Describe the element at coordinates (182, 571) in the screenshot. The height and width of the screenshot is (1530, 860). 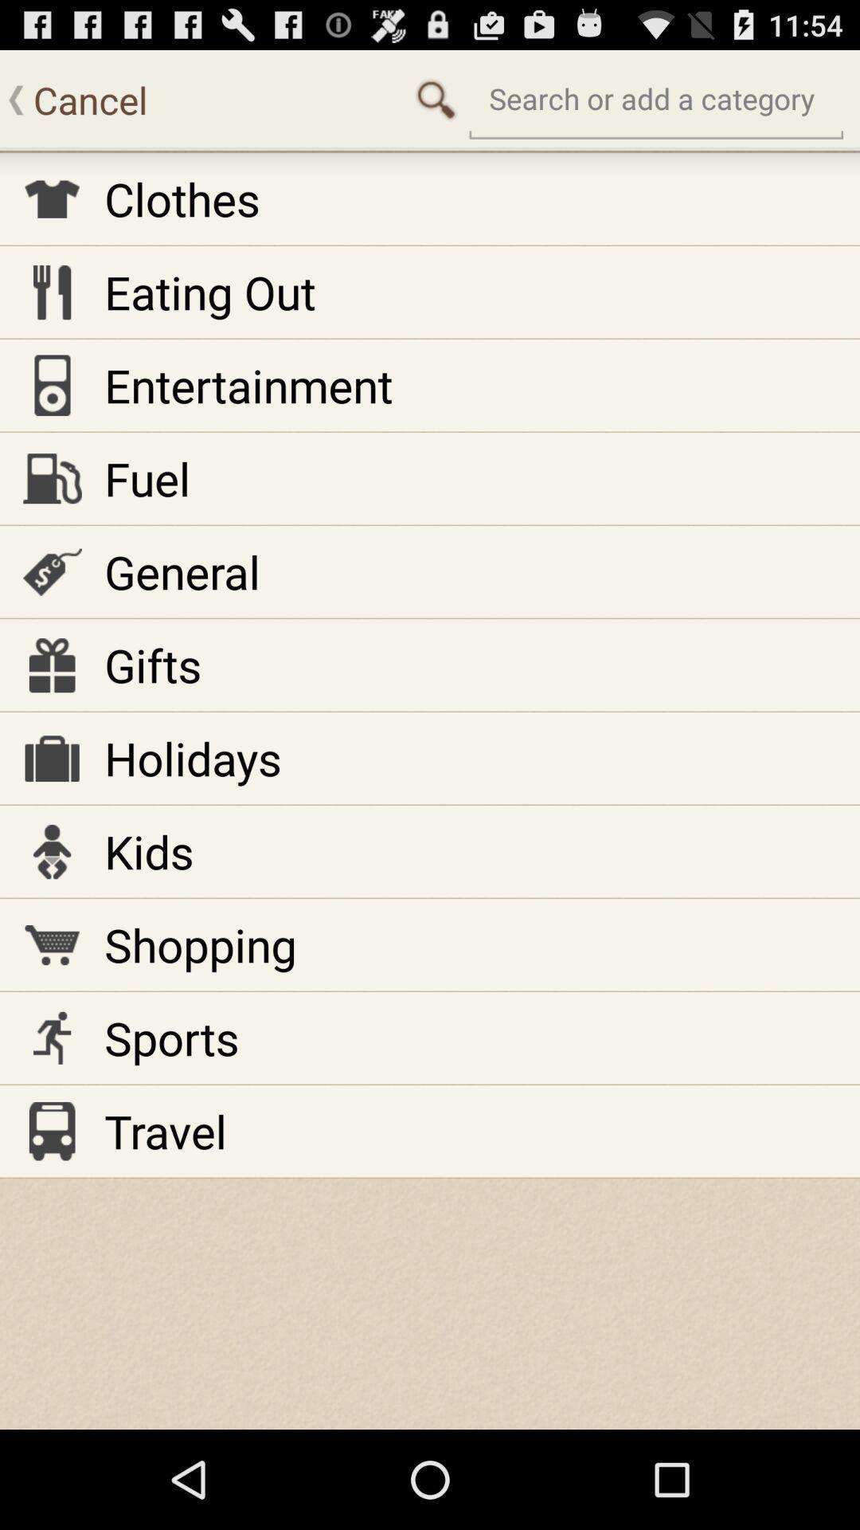
I see `the general app` at that location.